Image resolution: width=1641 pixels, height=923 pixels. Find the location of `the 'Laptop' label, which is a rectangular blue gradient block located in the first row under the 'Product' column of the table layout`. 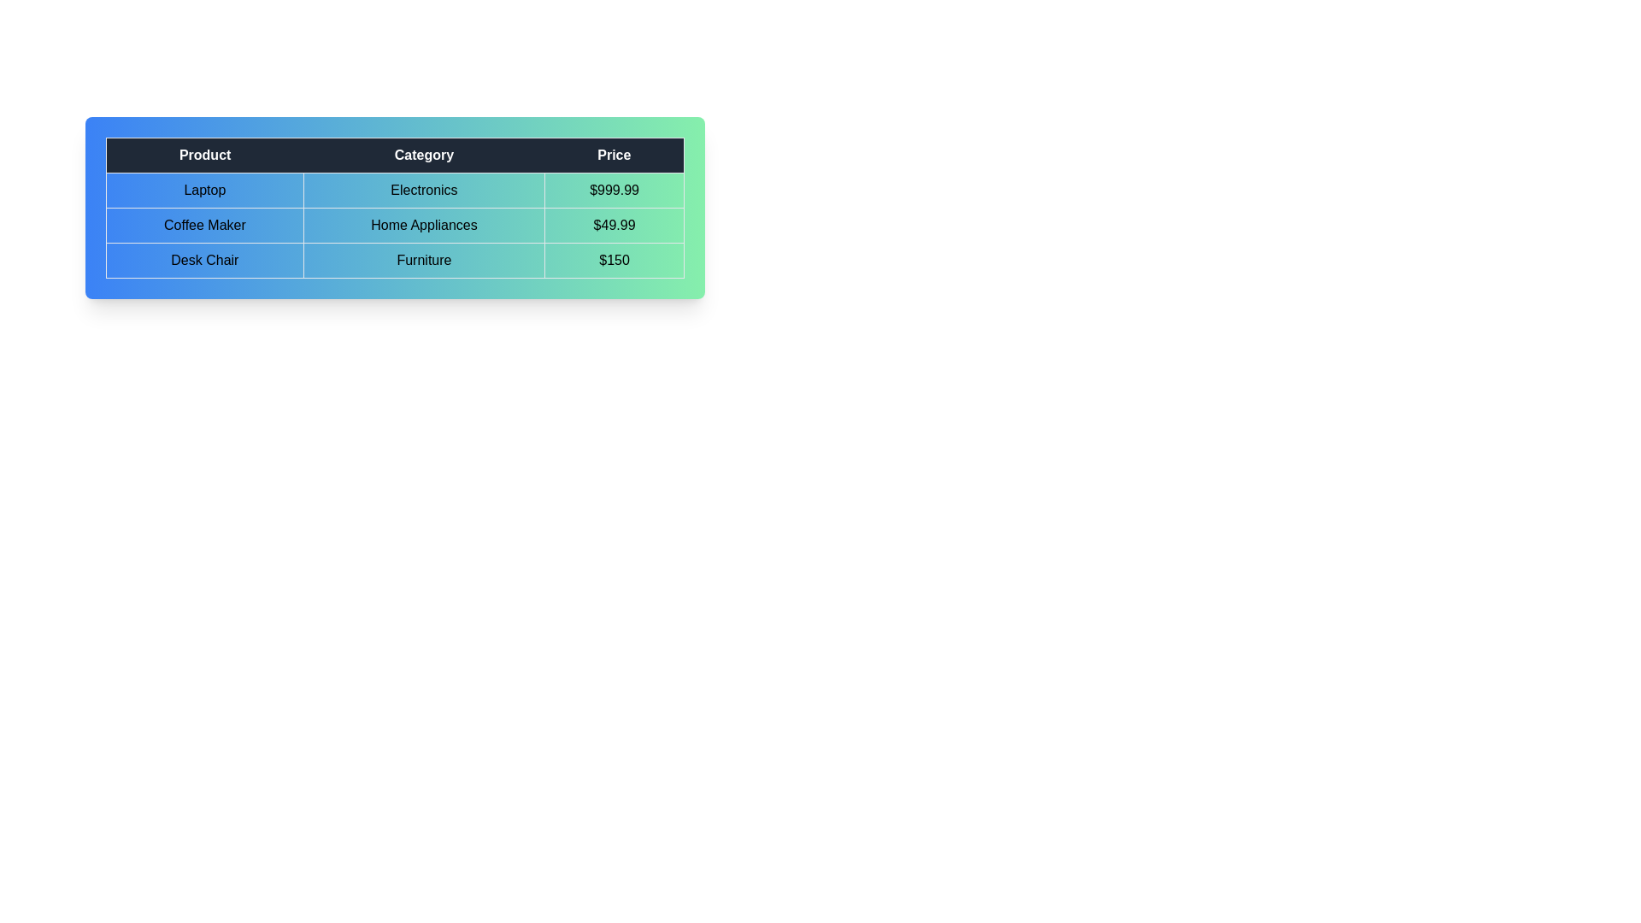

the 'Laptop' label, which is a rectangular blue gradient block located in the first row under the 'Product' column of the table layout is located at coordinates (204, 191).